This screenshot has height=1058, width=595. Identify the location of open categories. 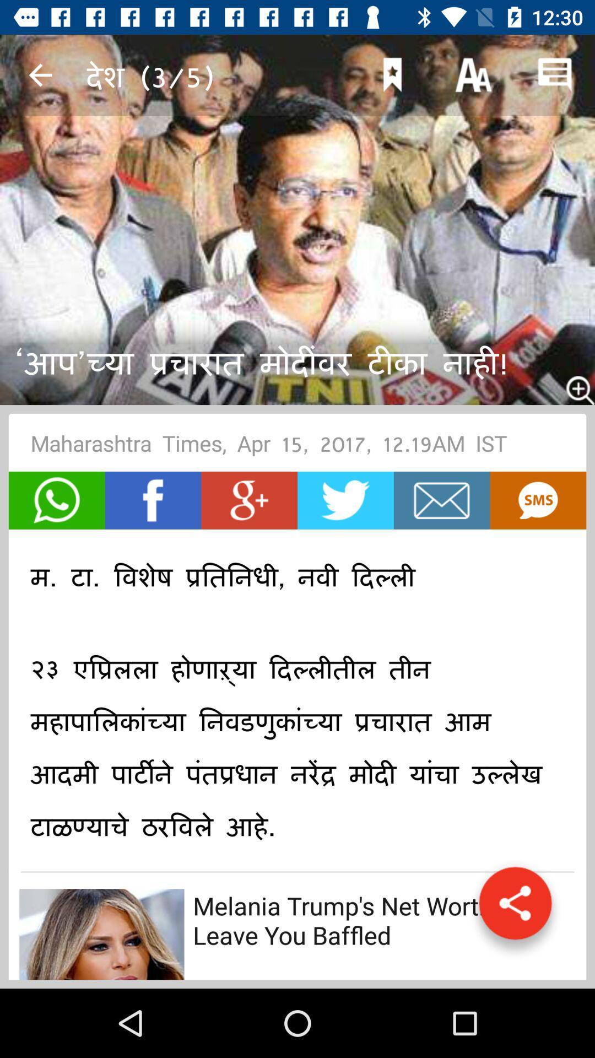
(515, 909).